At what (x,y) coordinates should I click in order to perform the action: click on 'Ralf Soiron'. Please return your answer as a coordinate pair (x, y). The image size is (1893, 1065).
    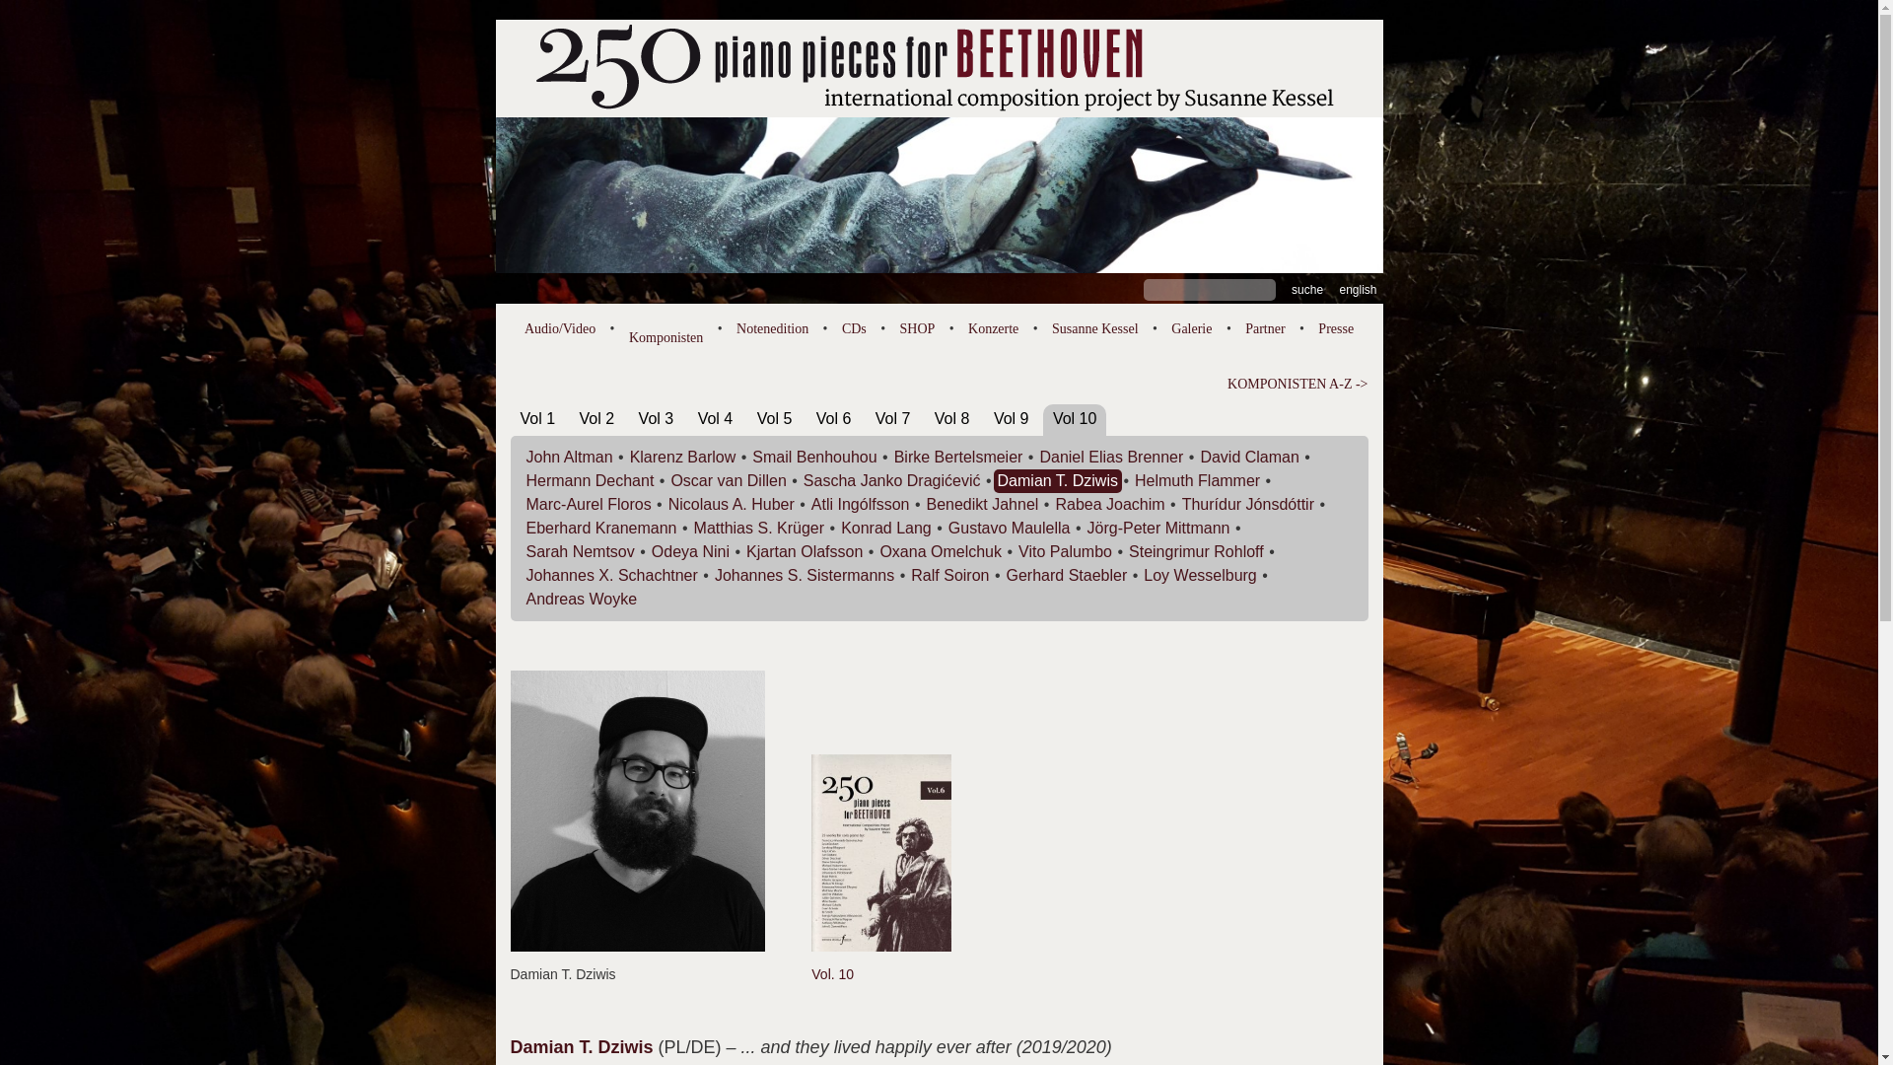
    Looking at the image, I should click on (949, 575).